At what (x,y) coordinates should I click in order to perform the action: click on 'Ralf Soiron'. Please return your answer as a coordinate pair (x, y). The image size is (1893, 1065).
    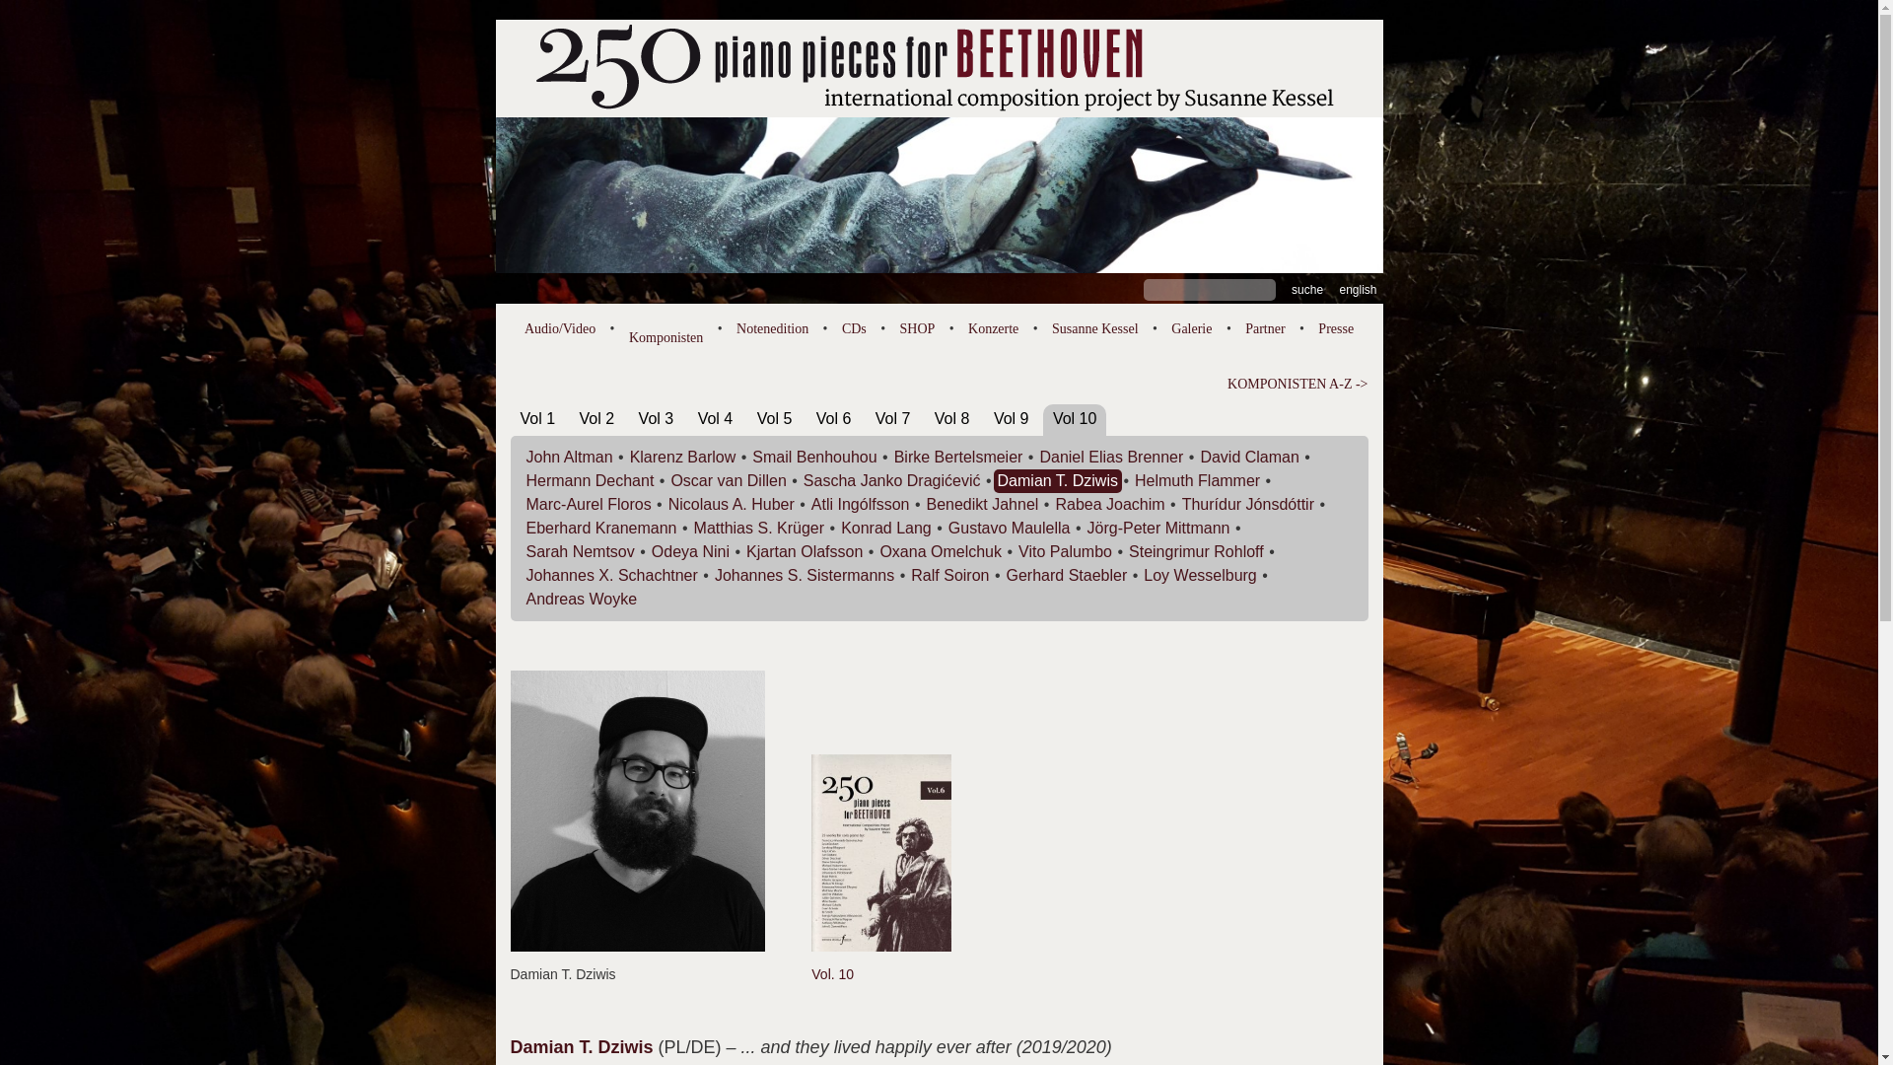
    Looking at the image, I should click on (949, 575).